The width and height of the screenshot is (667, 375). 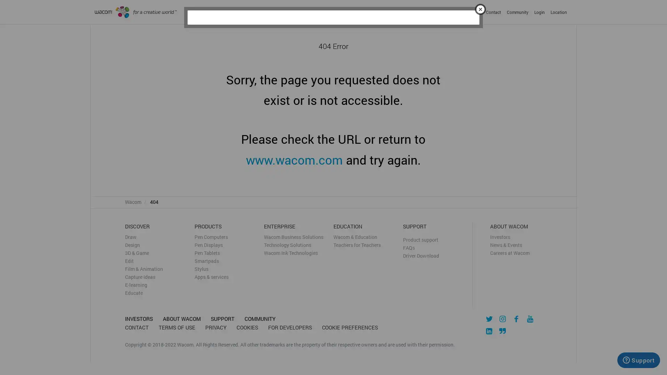 I want to click on close, so click(x=480, y=8).